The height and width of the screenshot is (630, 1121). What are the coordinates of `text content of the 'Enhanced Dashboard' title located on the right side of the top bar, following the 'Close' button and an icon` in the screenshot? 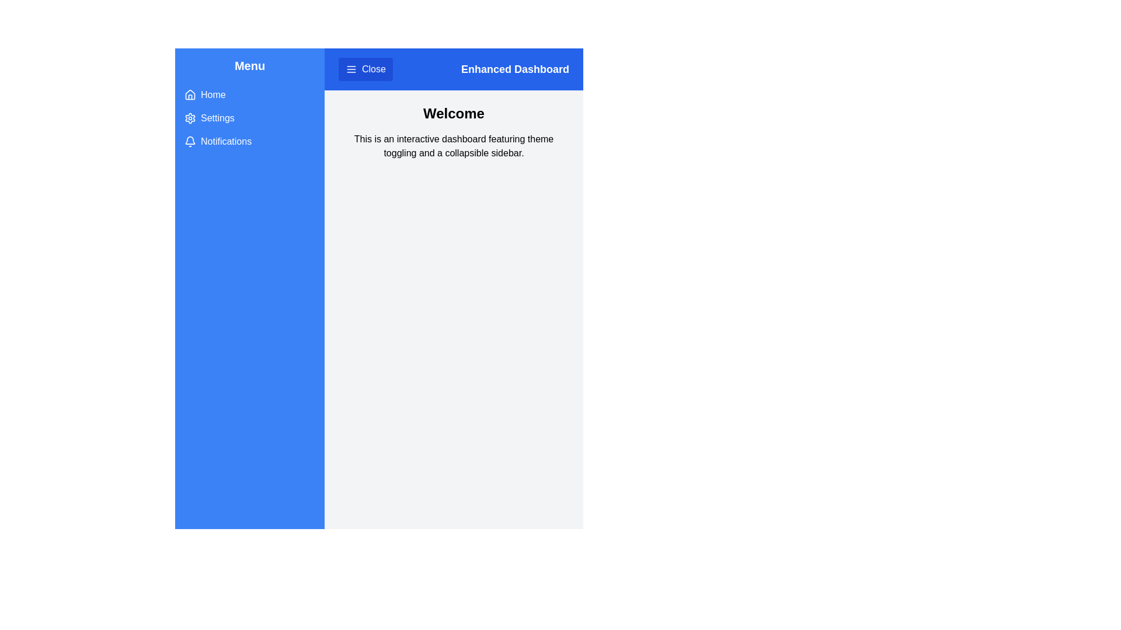 It's located at (514, 69).